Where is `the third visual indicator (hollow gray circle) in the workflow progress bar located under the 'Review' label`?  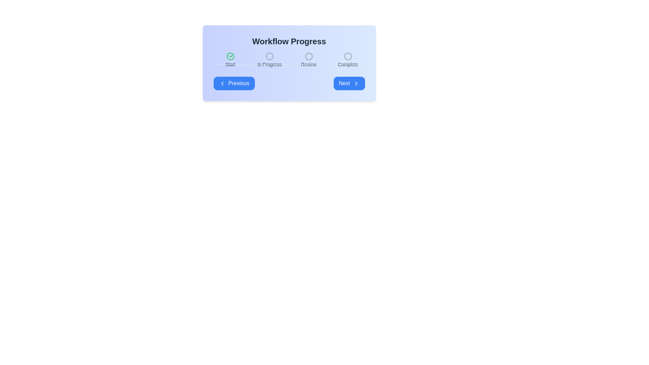 the third visual indicator (hollow gray circle) in the workflow progress bar located under the 'Review' label is located at coordinates (308, 56).